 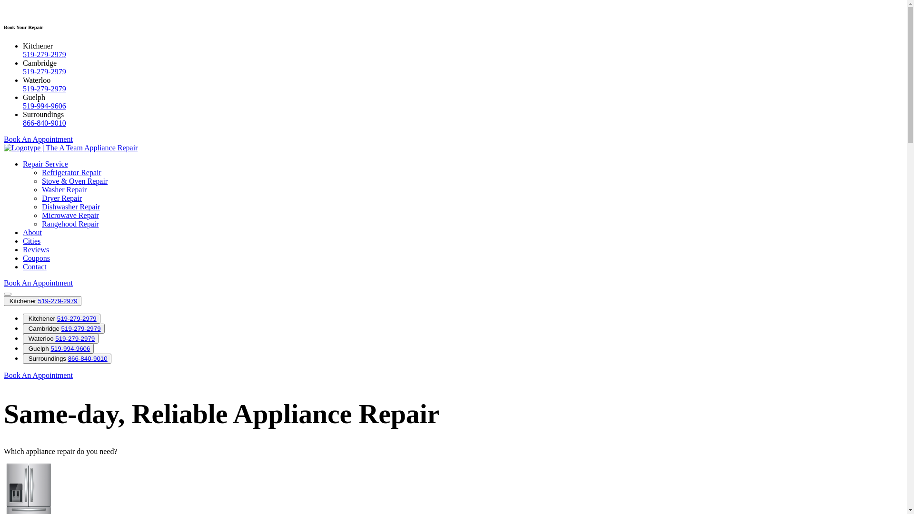 I want to click on '519-279-2979', so click(x=54, y=338).